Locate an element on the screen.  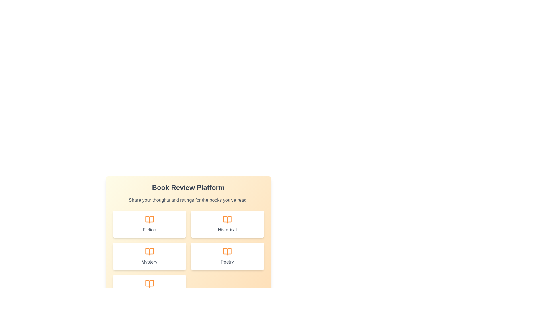
the interactive card with an orange book icon and gray text labeled 'Poetry' located at the bottom-right of the 2x3 grid is located at coordinates (227, 256).